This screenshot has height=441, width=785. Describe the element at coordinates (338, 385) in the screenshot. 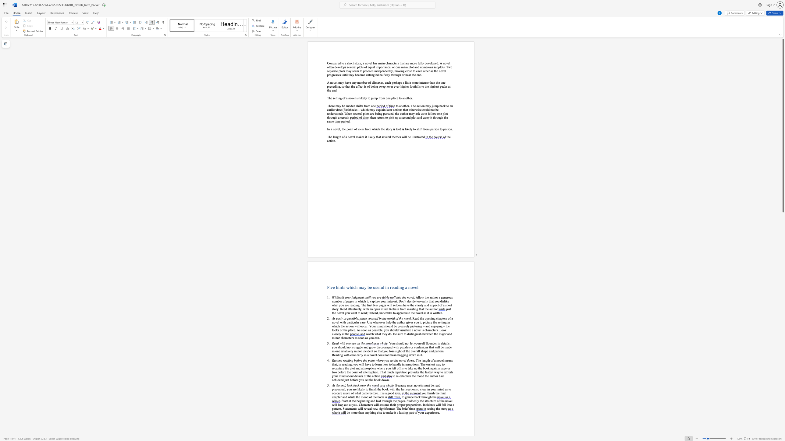

I see `the subset text "e e" within the text "At the end, look back over the"` at that location.